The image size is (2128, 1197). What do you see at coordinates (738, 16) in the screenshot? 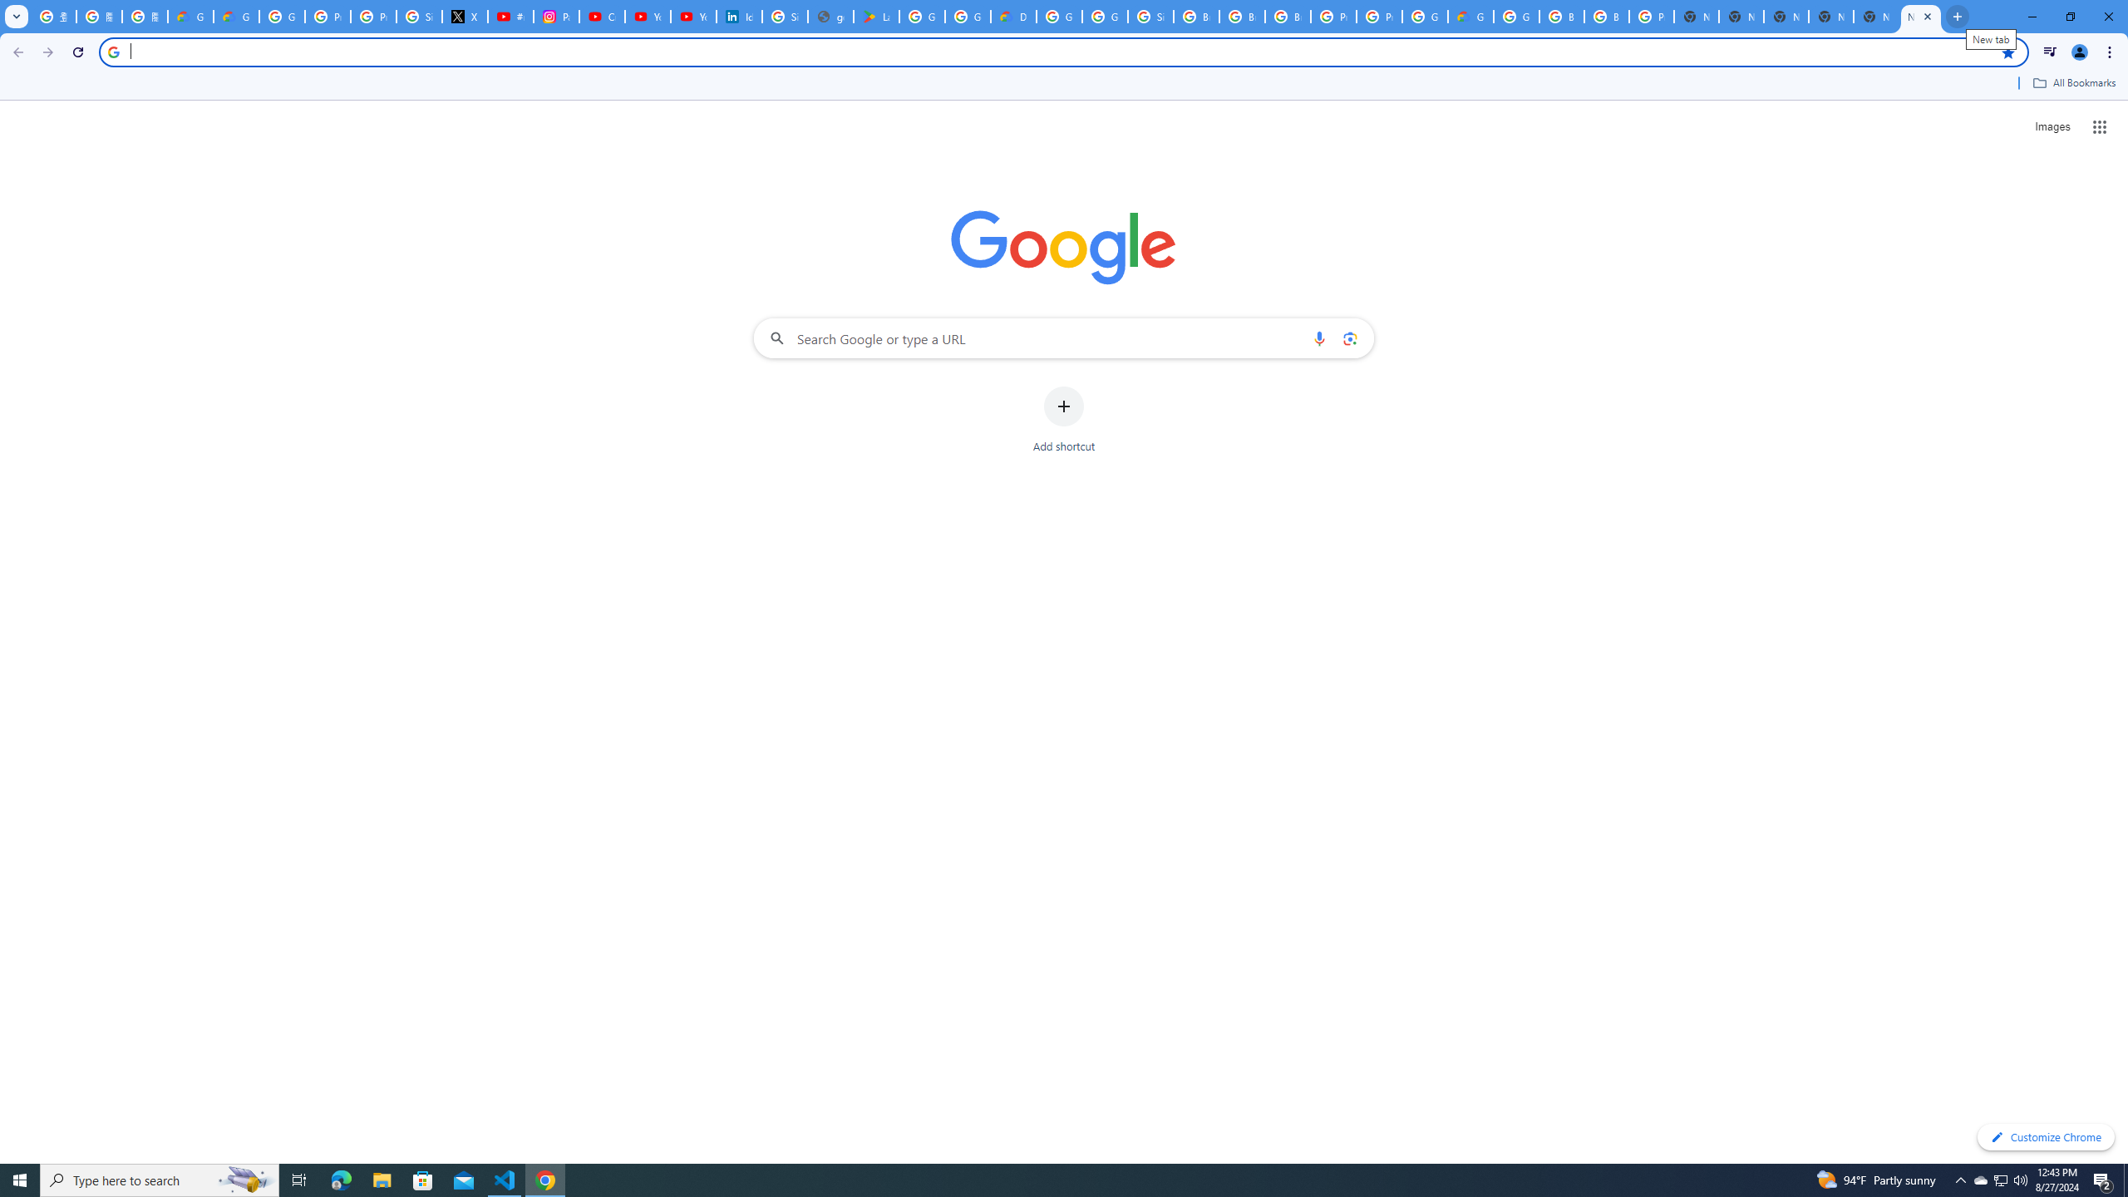
I see `'Identity verification via Persona | LinkedIn Help'` at bounding box center [738, 16].